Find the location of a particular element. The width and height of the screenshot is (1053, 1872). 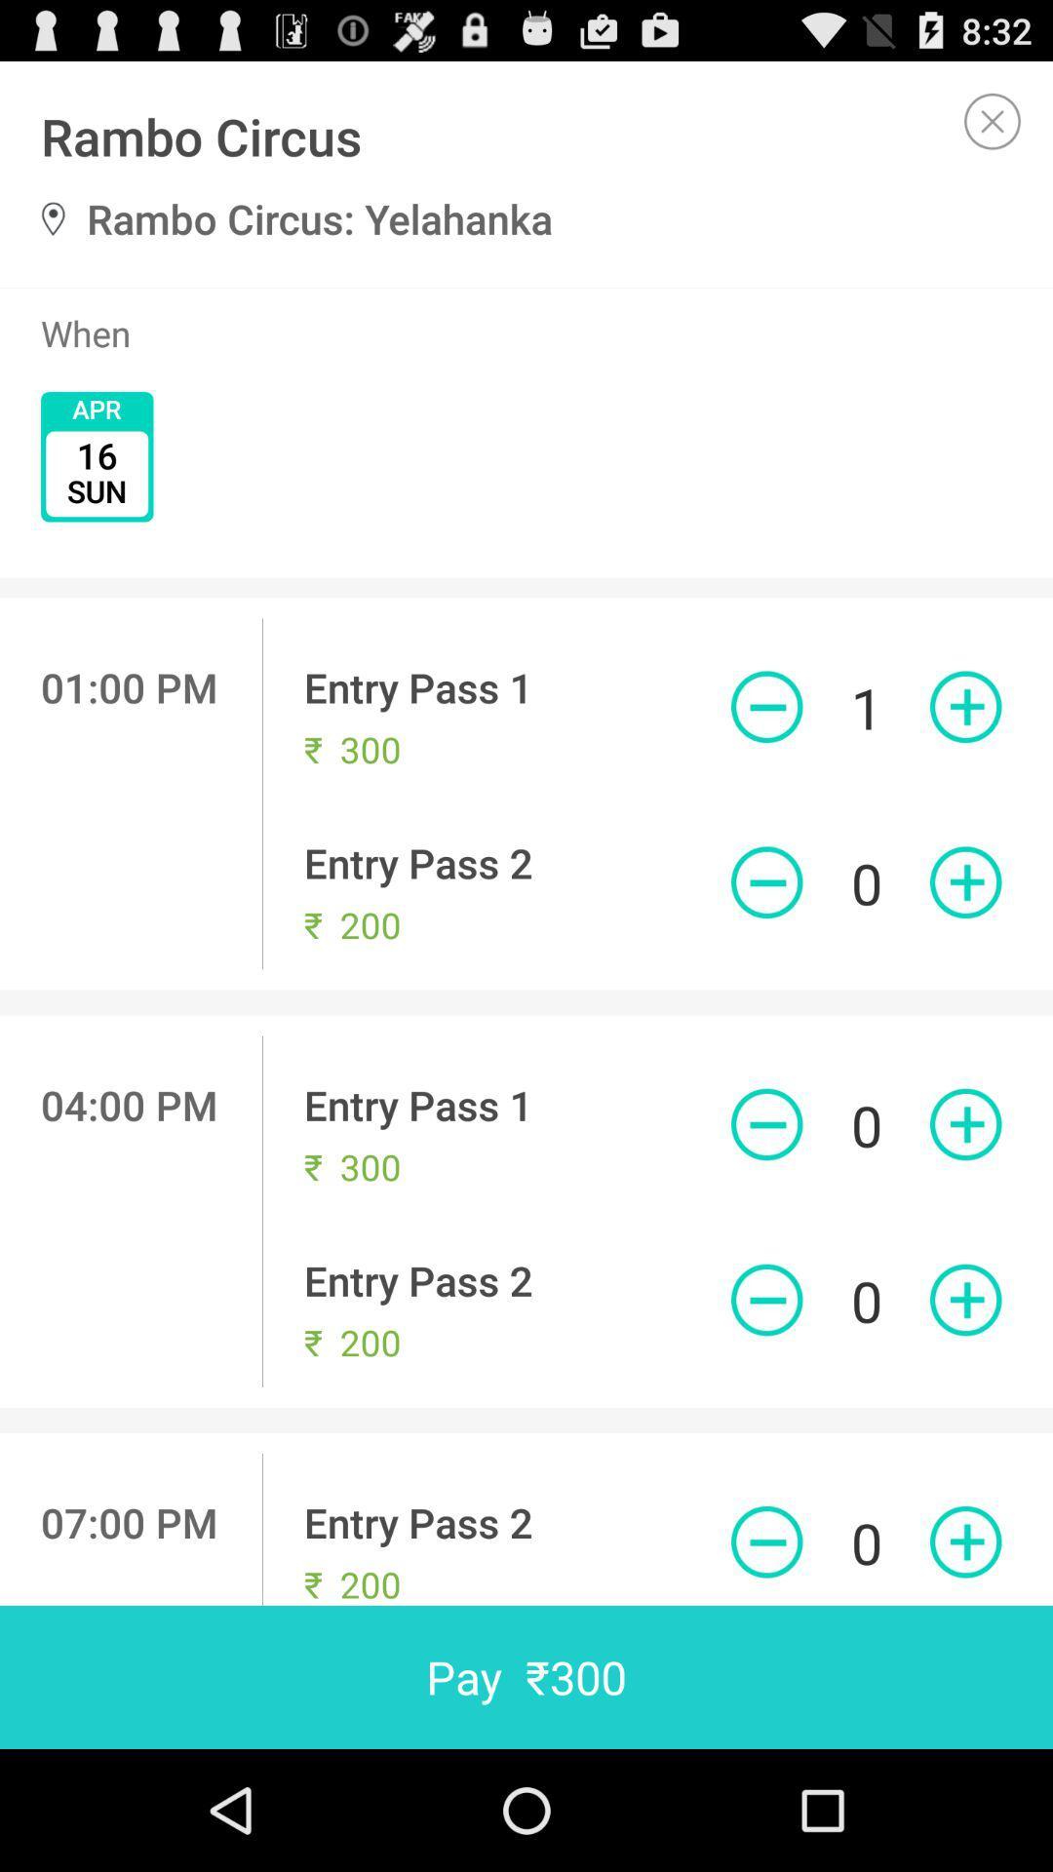

one is located at coordinates (965, 881).